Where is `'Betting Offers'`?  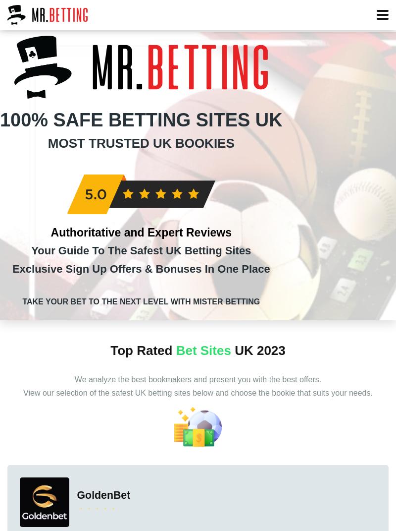
'Betting Offers' is located at coordinates (278, 92).